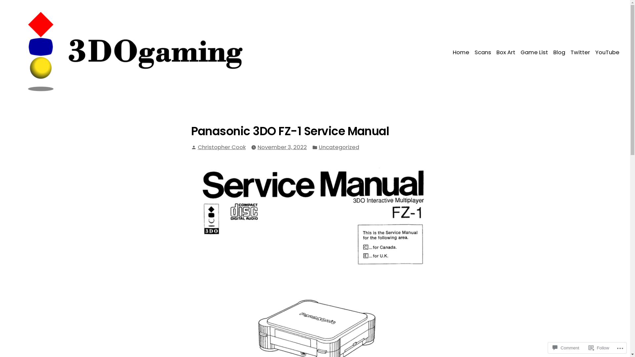 The width and height of the screenshot is (635, 357). I want to click on 'YouTube', so click(592, 52).